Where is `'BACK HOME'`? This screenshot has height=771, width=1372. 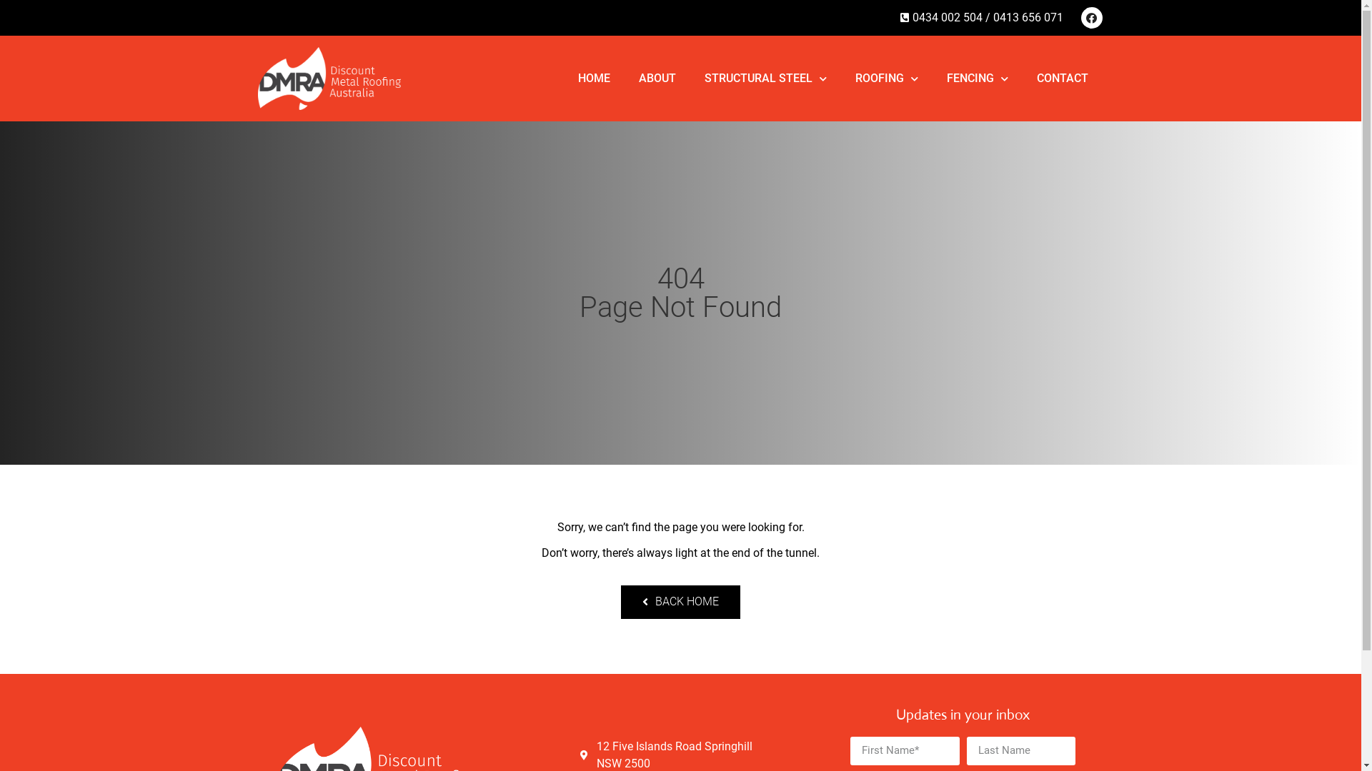
'BACK HOME' is located at coordinates (680, 602).